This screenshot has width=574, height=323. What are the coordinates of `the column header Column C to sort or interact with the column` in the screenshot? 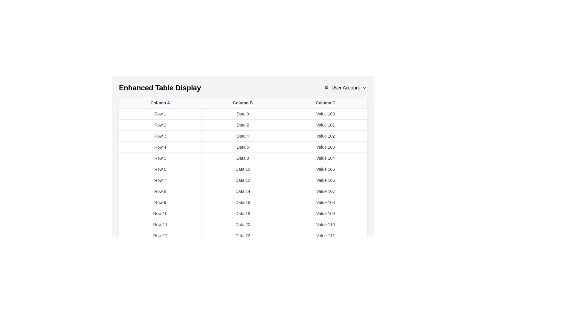 It's located at (325, 102).